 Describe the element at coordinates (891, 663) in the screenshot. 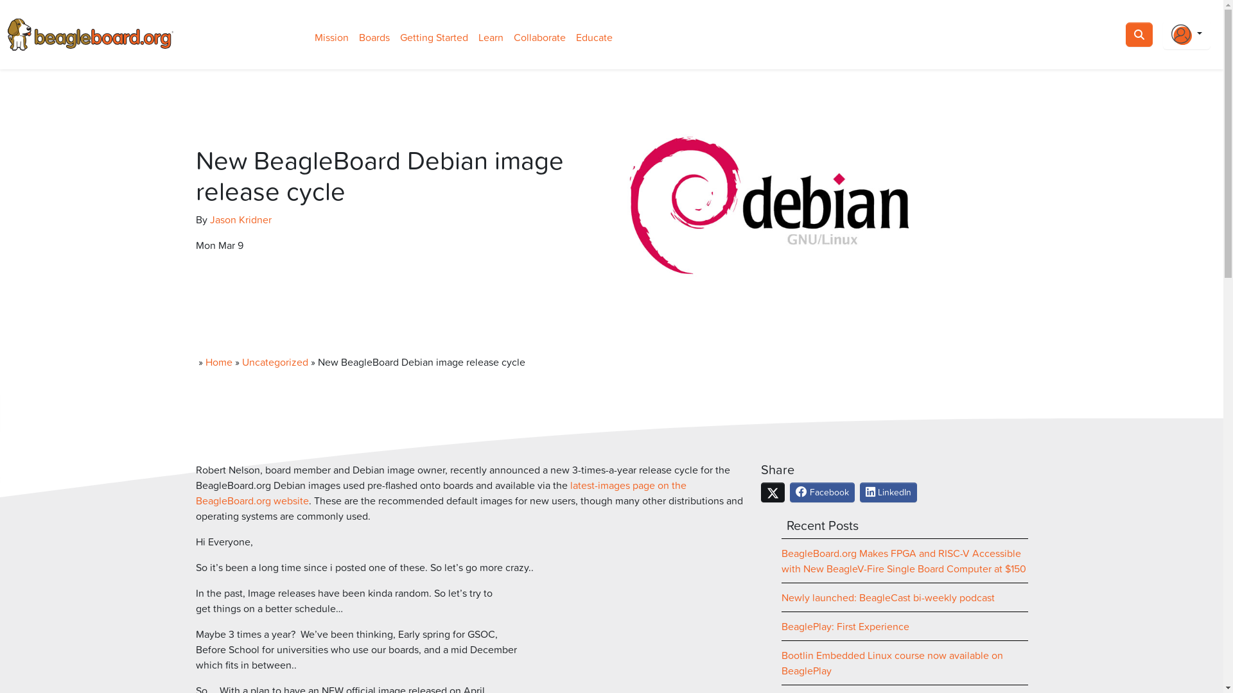

I see `'Bootlin Embedded Linux course now available on BeaglePlay'` at that location.